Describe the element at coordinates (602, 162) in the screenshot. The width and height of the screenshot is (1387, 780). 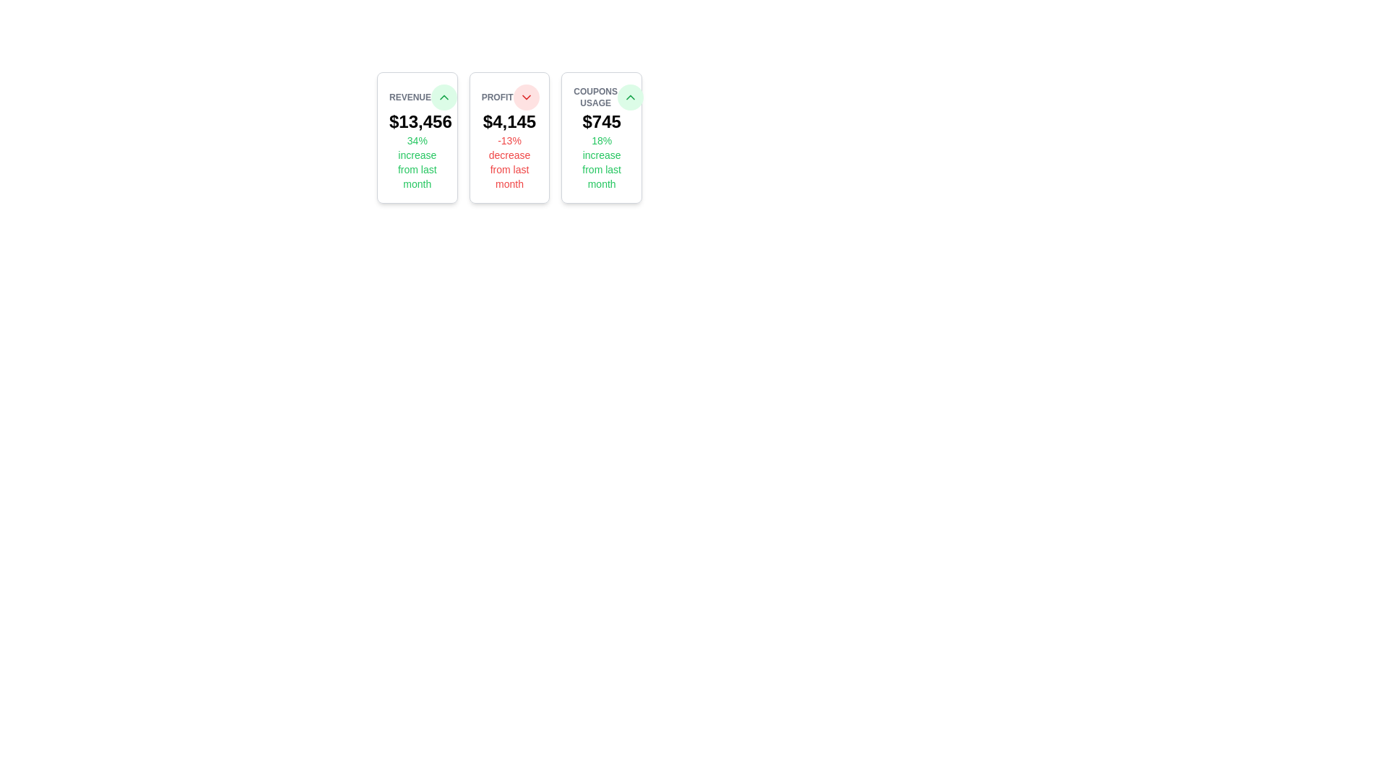
I see `the Label indicating the percentage change in coupon usage, located below the monetary value '$745' in the 'COUPONS USAGE' card` at that location.